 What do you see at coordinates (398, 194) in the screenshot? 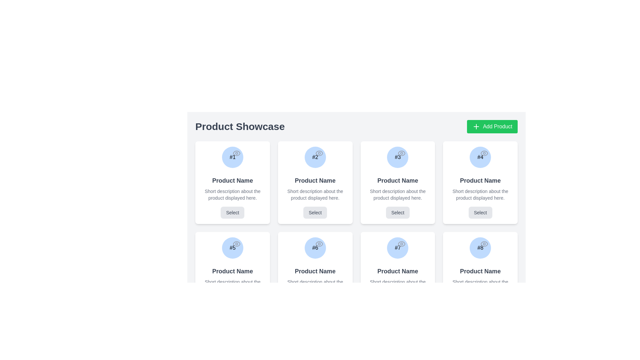
I see `the Text label that provides a brief description of the product in the third card of the first row, located centrally between the card's title and action button` at bounding box center [398, 194].